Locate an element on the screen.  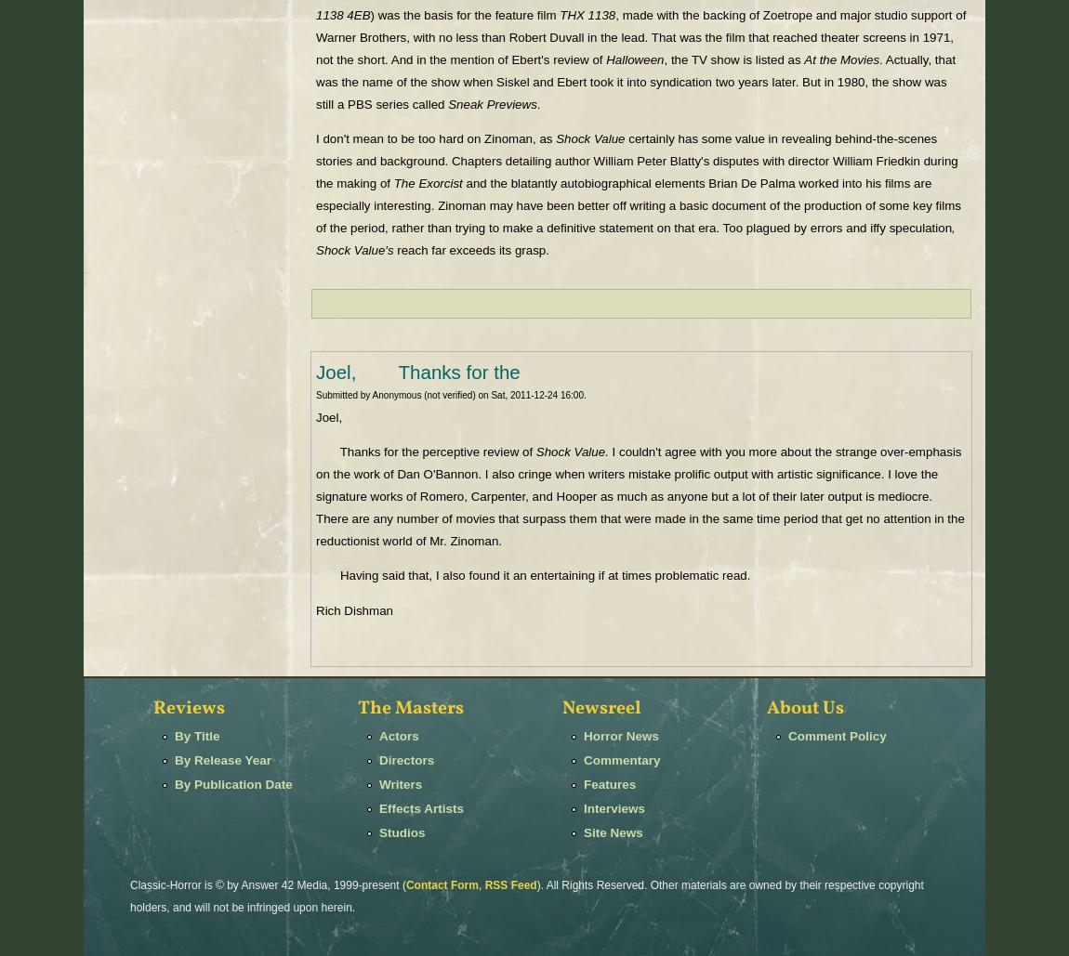
'I don't mean to be too hard on
Zinoman, as' is located at coordinates (435, 138).